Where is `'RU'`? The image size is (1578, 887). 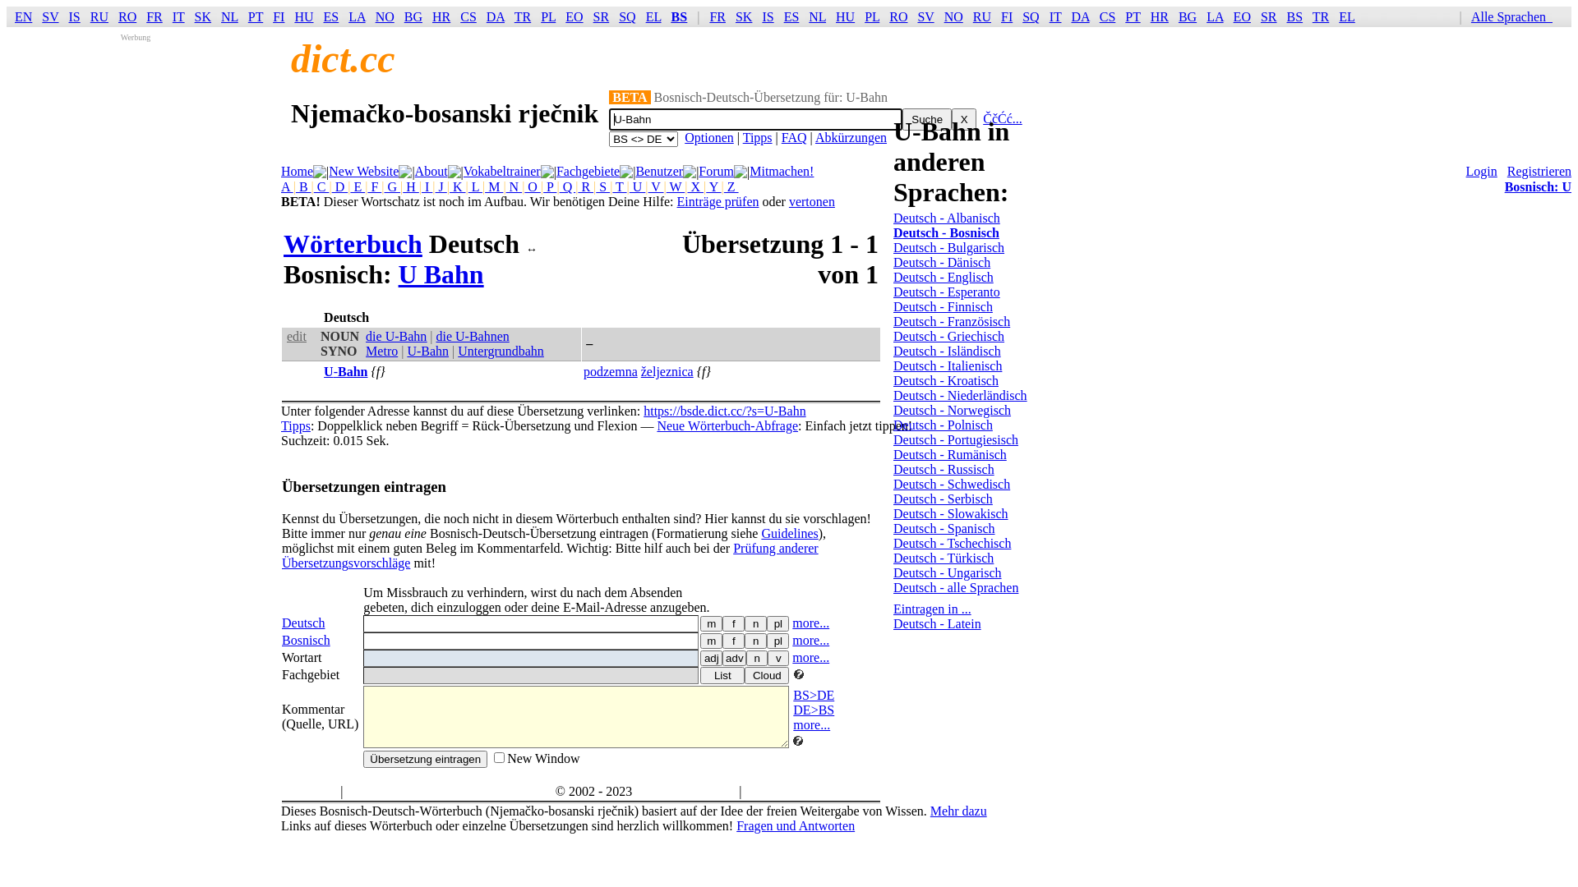 'RU' is located at coordinates (98, 16).